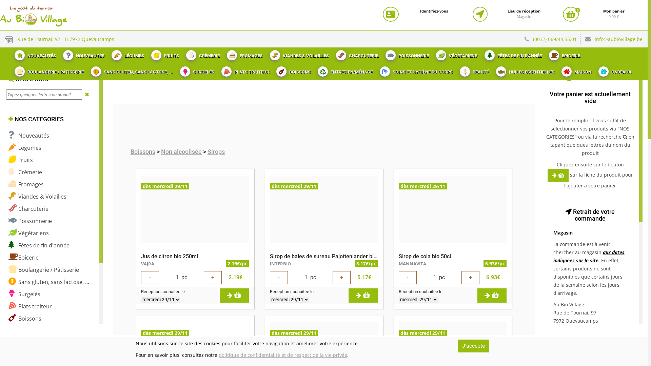 This screenshot has height=366, width=651. Describe the element at coordinates (28, 208) in the screenshot. I see `'Charcuterie'` at that location.